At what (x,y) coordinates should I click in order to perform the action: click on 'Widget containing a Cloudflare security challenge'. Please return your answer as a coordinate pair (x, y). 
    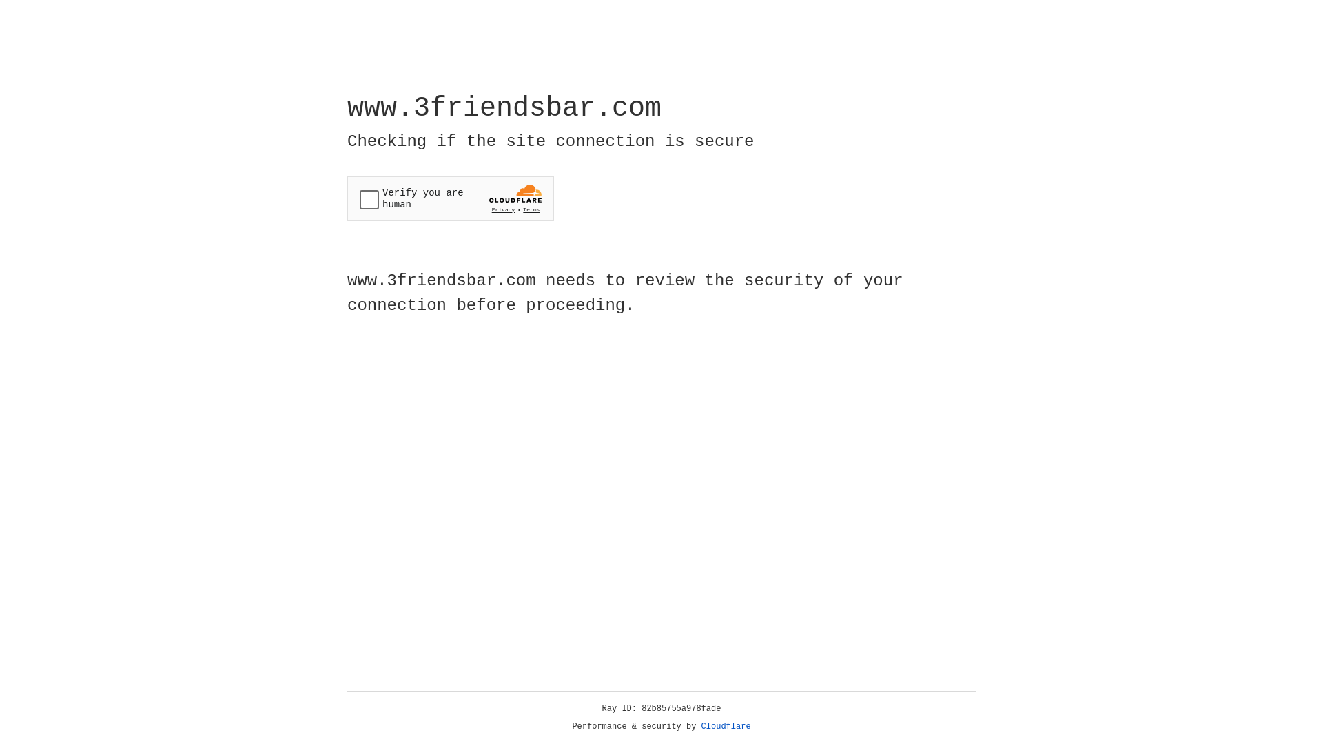
    Looking at the image, I should click on (450, 198).